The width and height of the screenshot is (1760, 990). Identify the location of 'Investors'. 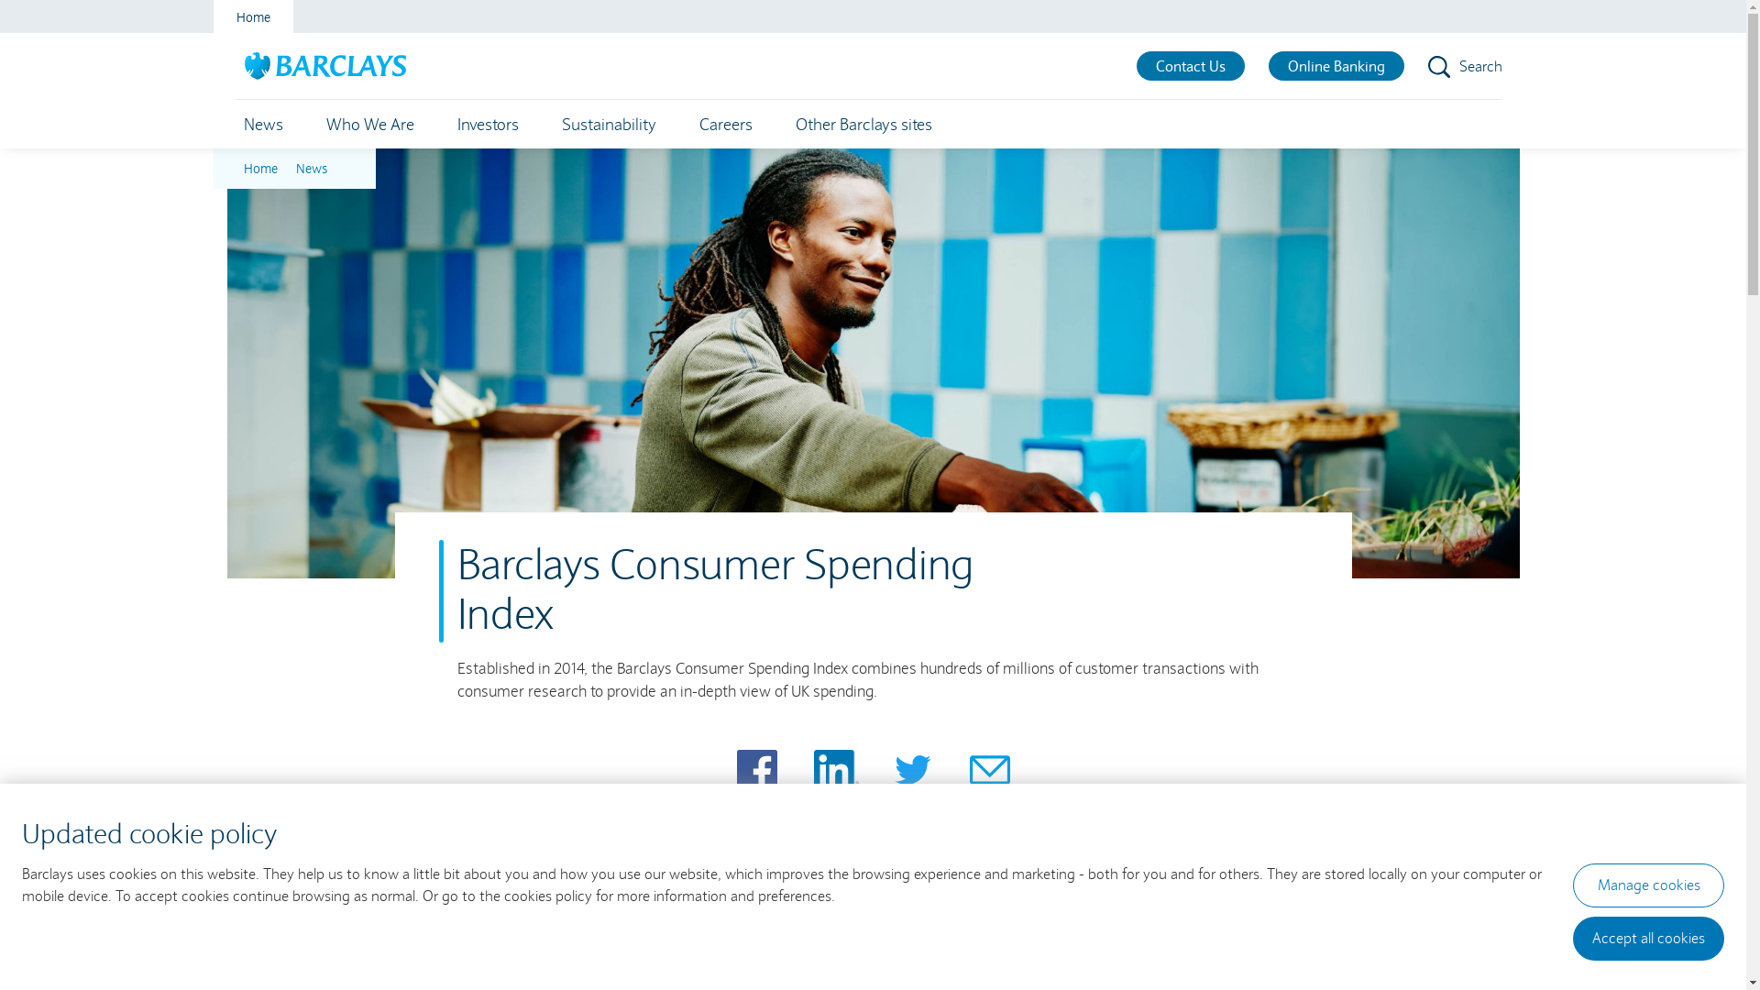
(487, 124).